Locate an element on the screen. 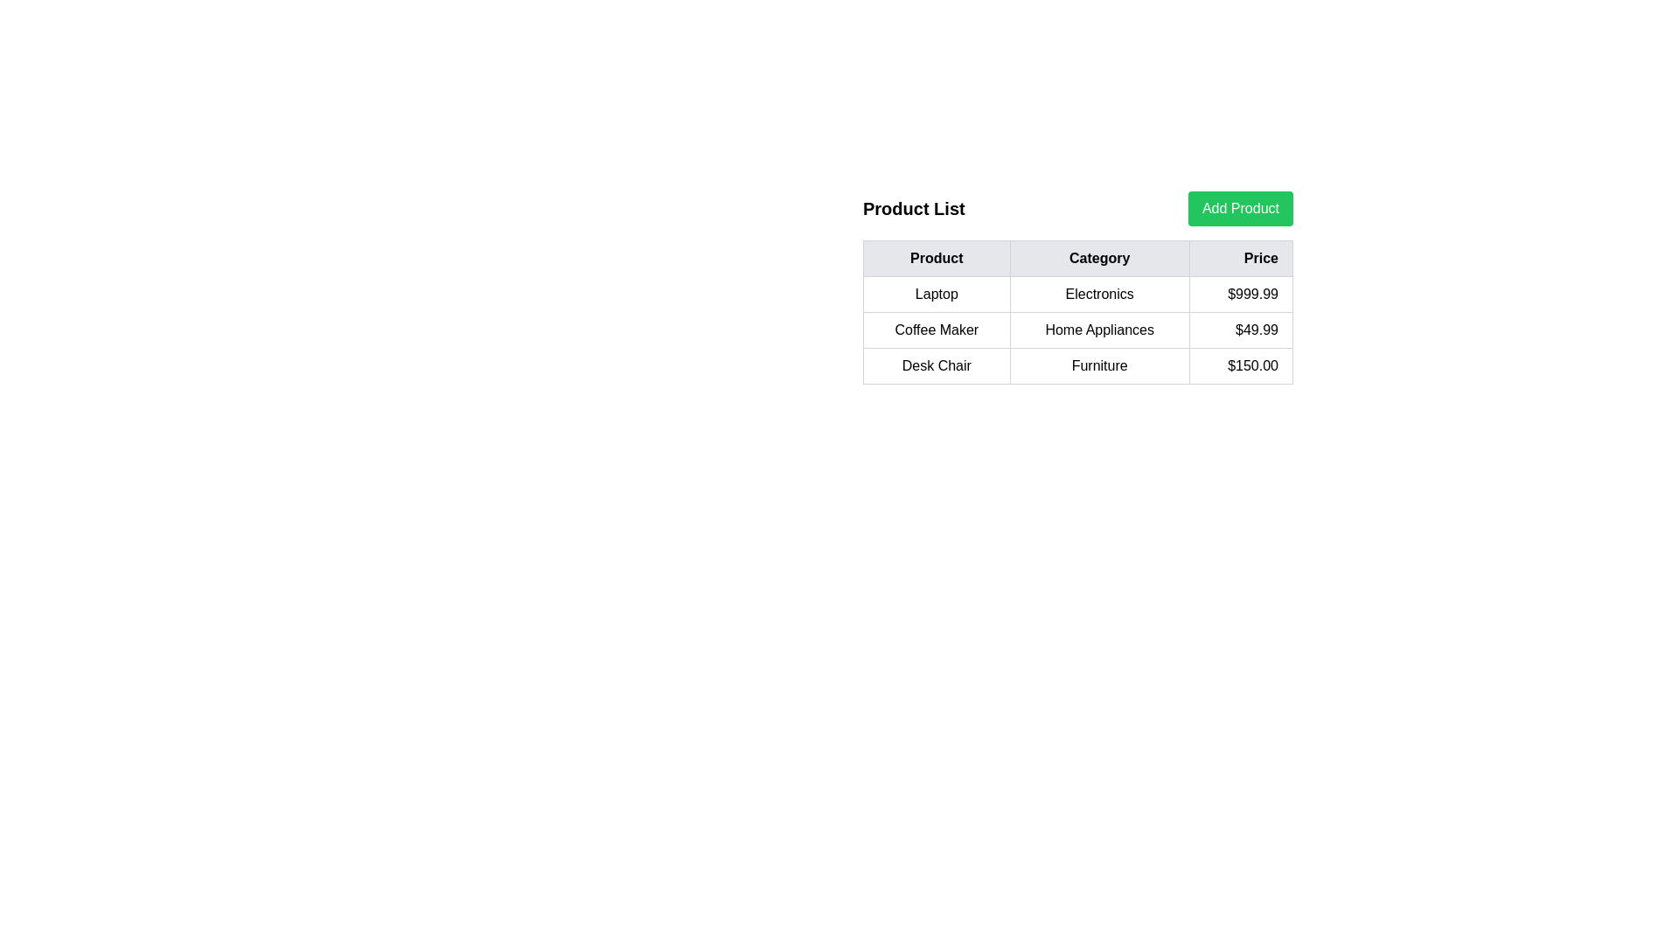  text displayed in the Text Label that shows the price of the product, which is located in the third row under the 'Price' column, aligned with 'Desk Chair' in the 'Product' column is located at coordinates (1240, 365).